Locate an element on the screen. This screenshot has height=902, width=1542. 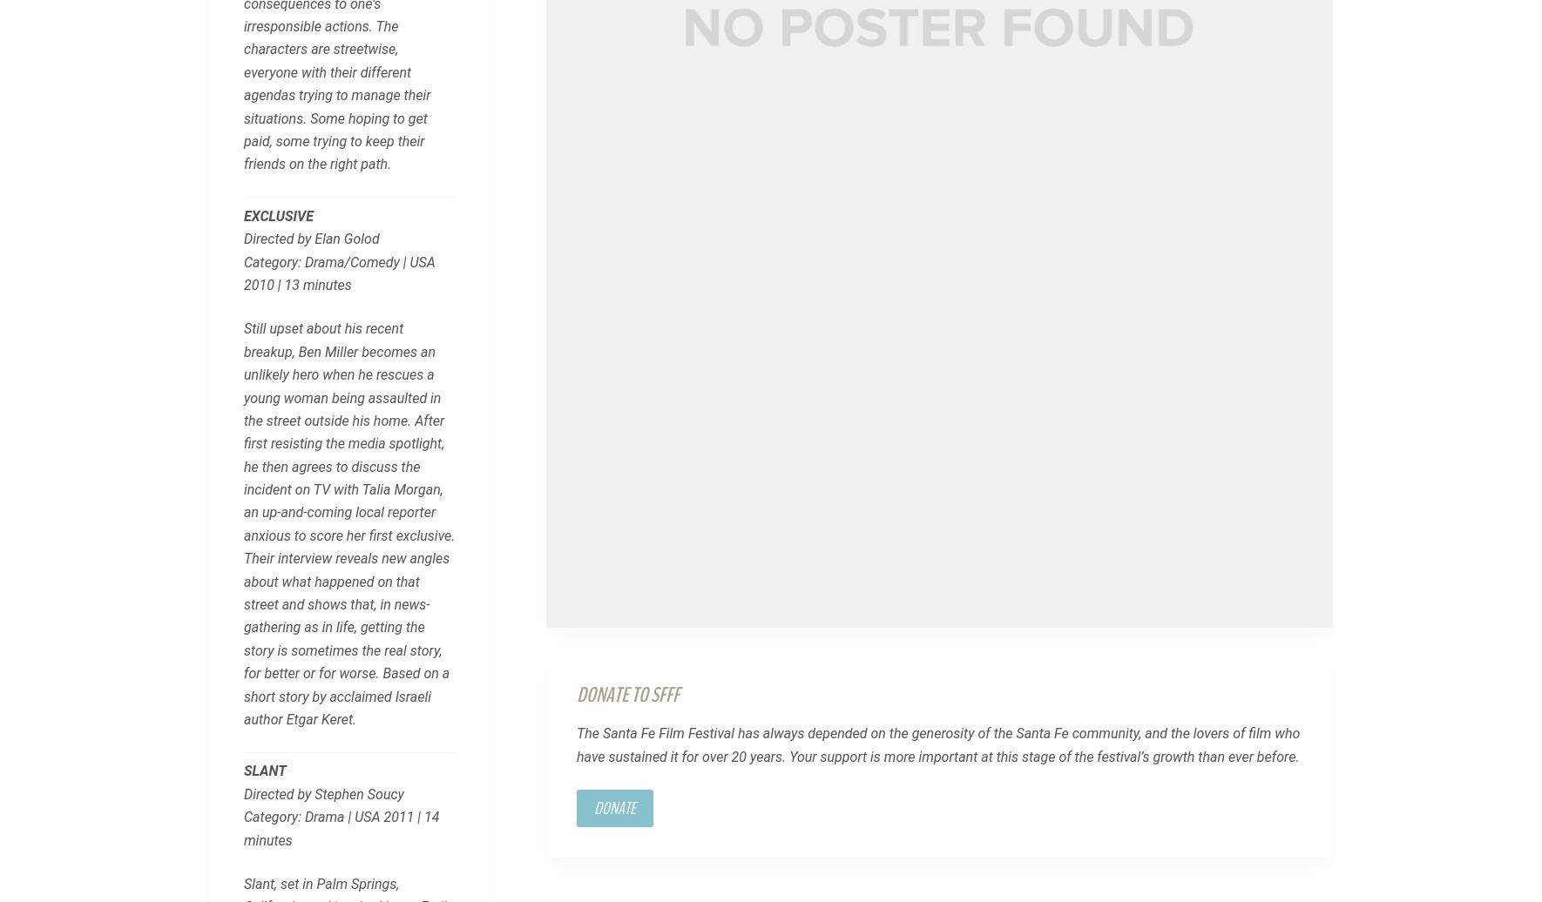
'Mission' is located at coordinates (232, 673).